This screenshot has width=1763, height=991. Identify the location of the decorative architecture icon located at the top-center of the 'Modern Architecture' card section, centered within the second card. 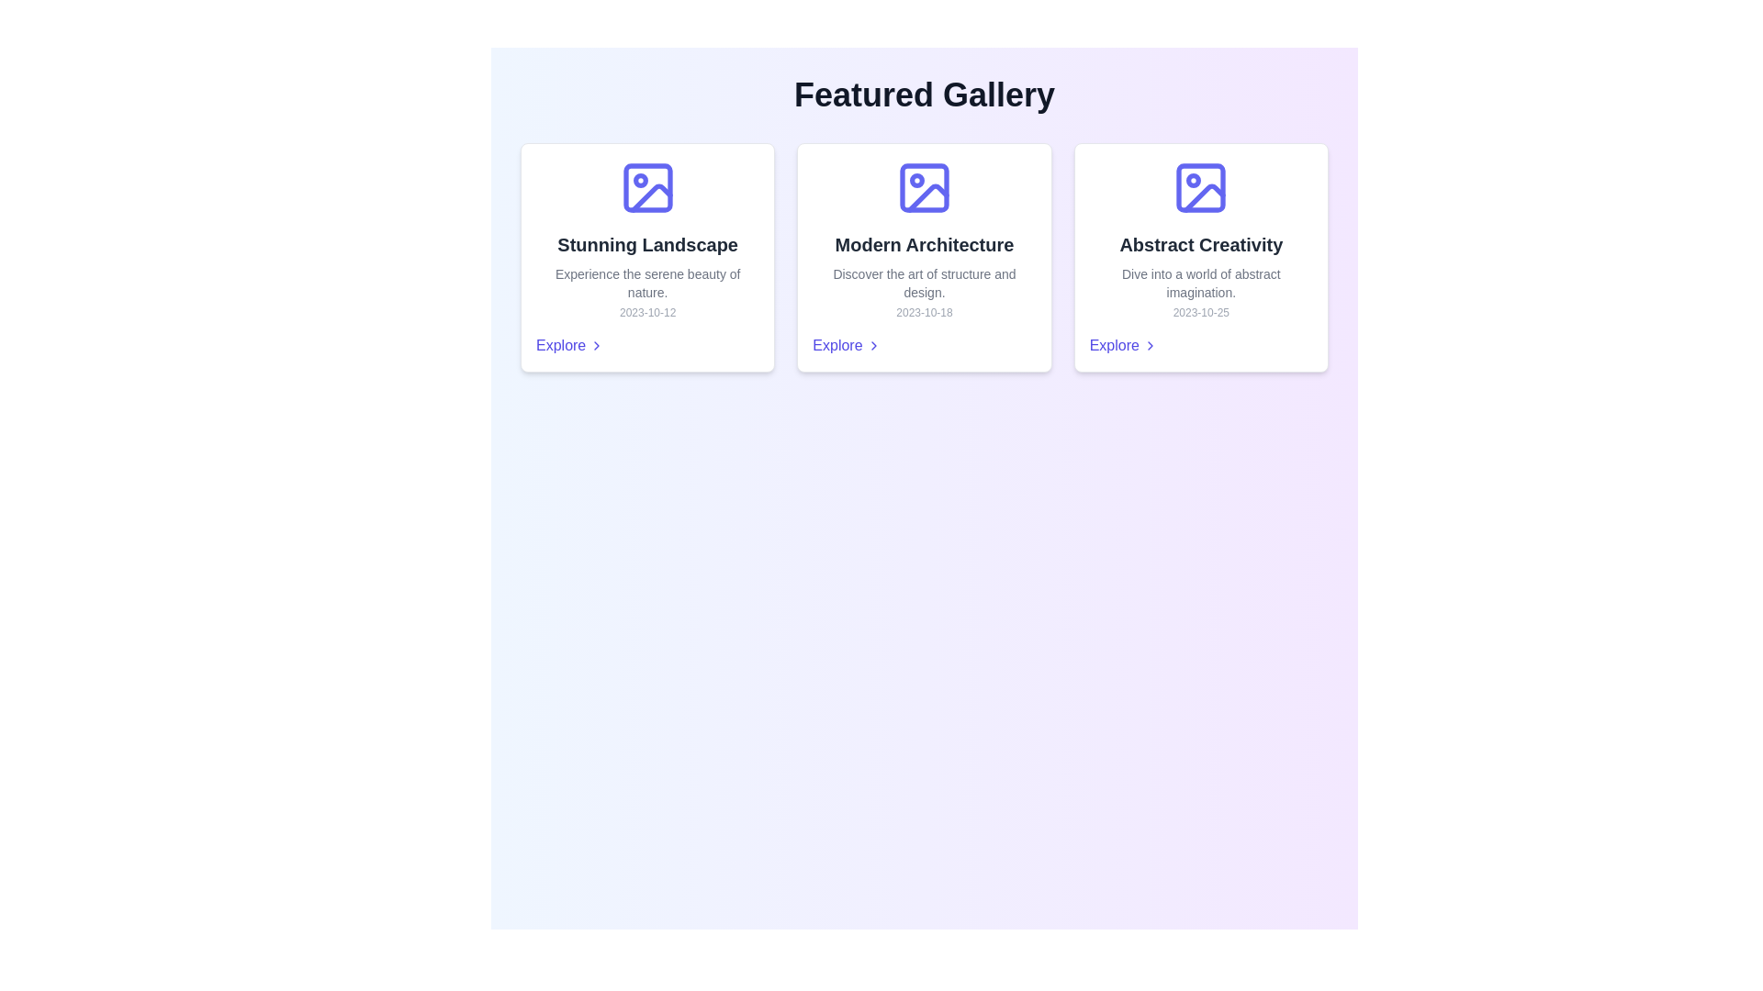
(925, 187).